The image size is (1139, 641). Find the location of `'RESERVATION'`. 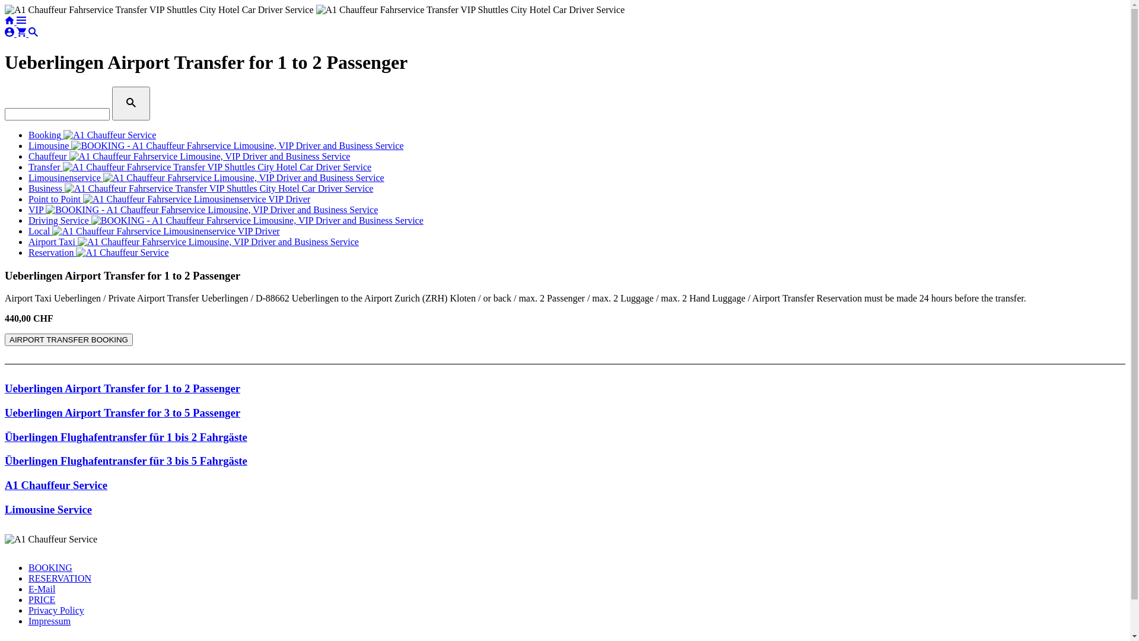

'RESERVATION' is located at coordinates (28, 577).